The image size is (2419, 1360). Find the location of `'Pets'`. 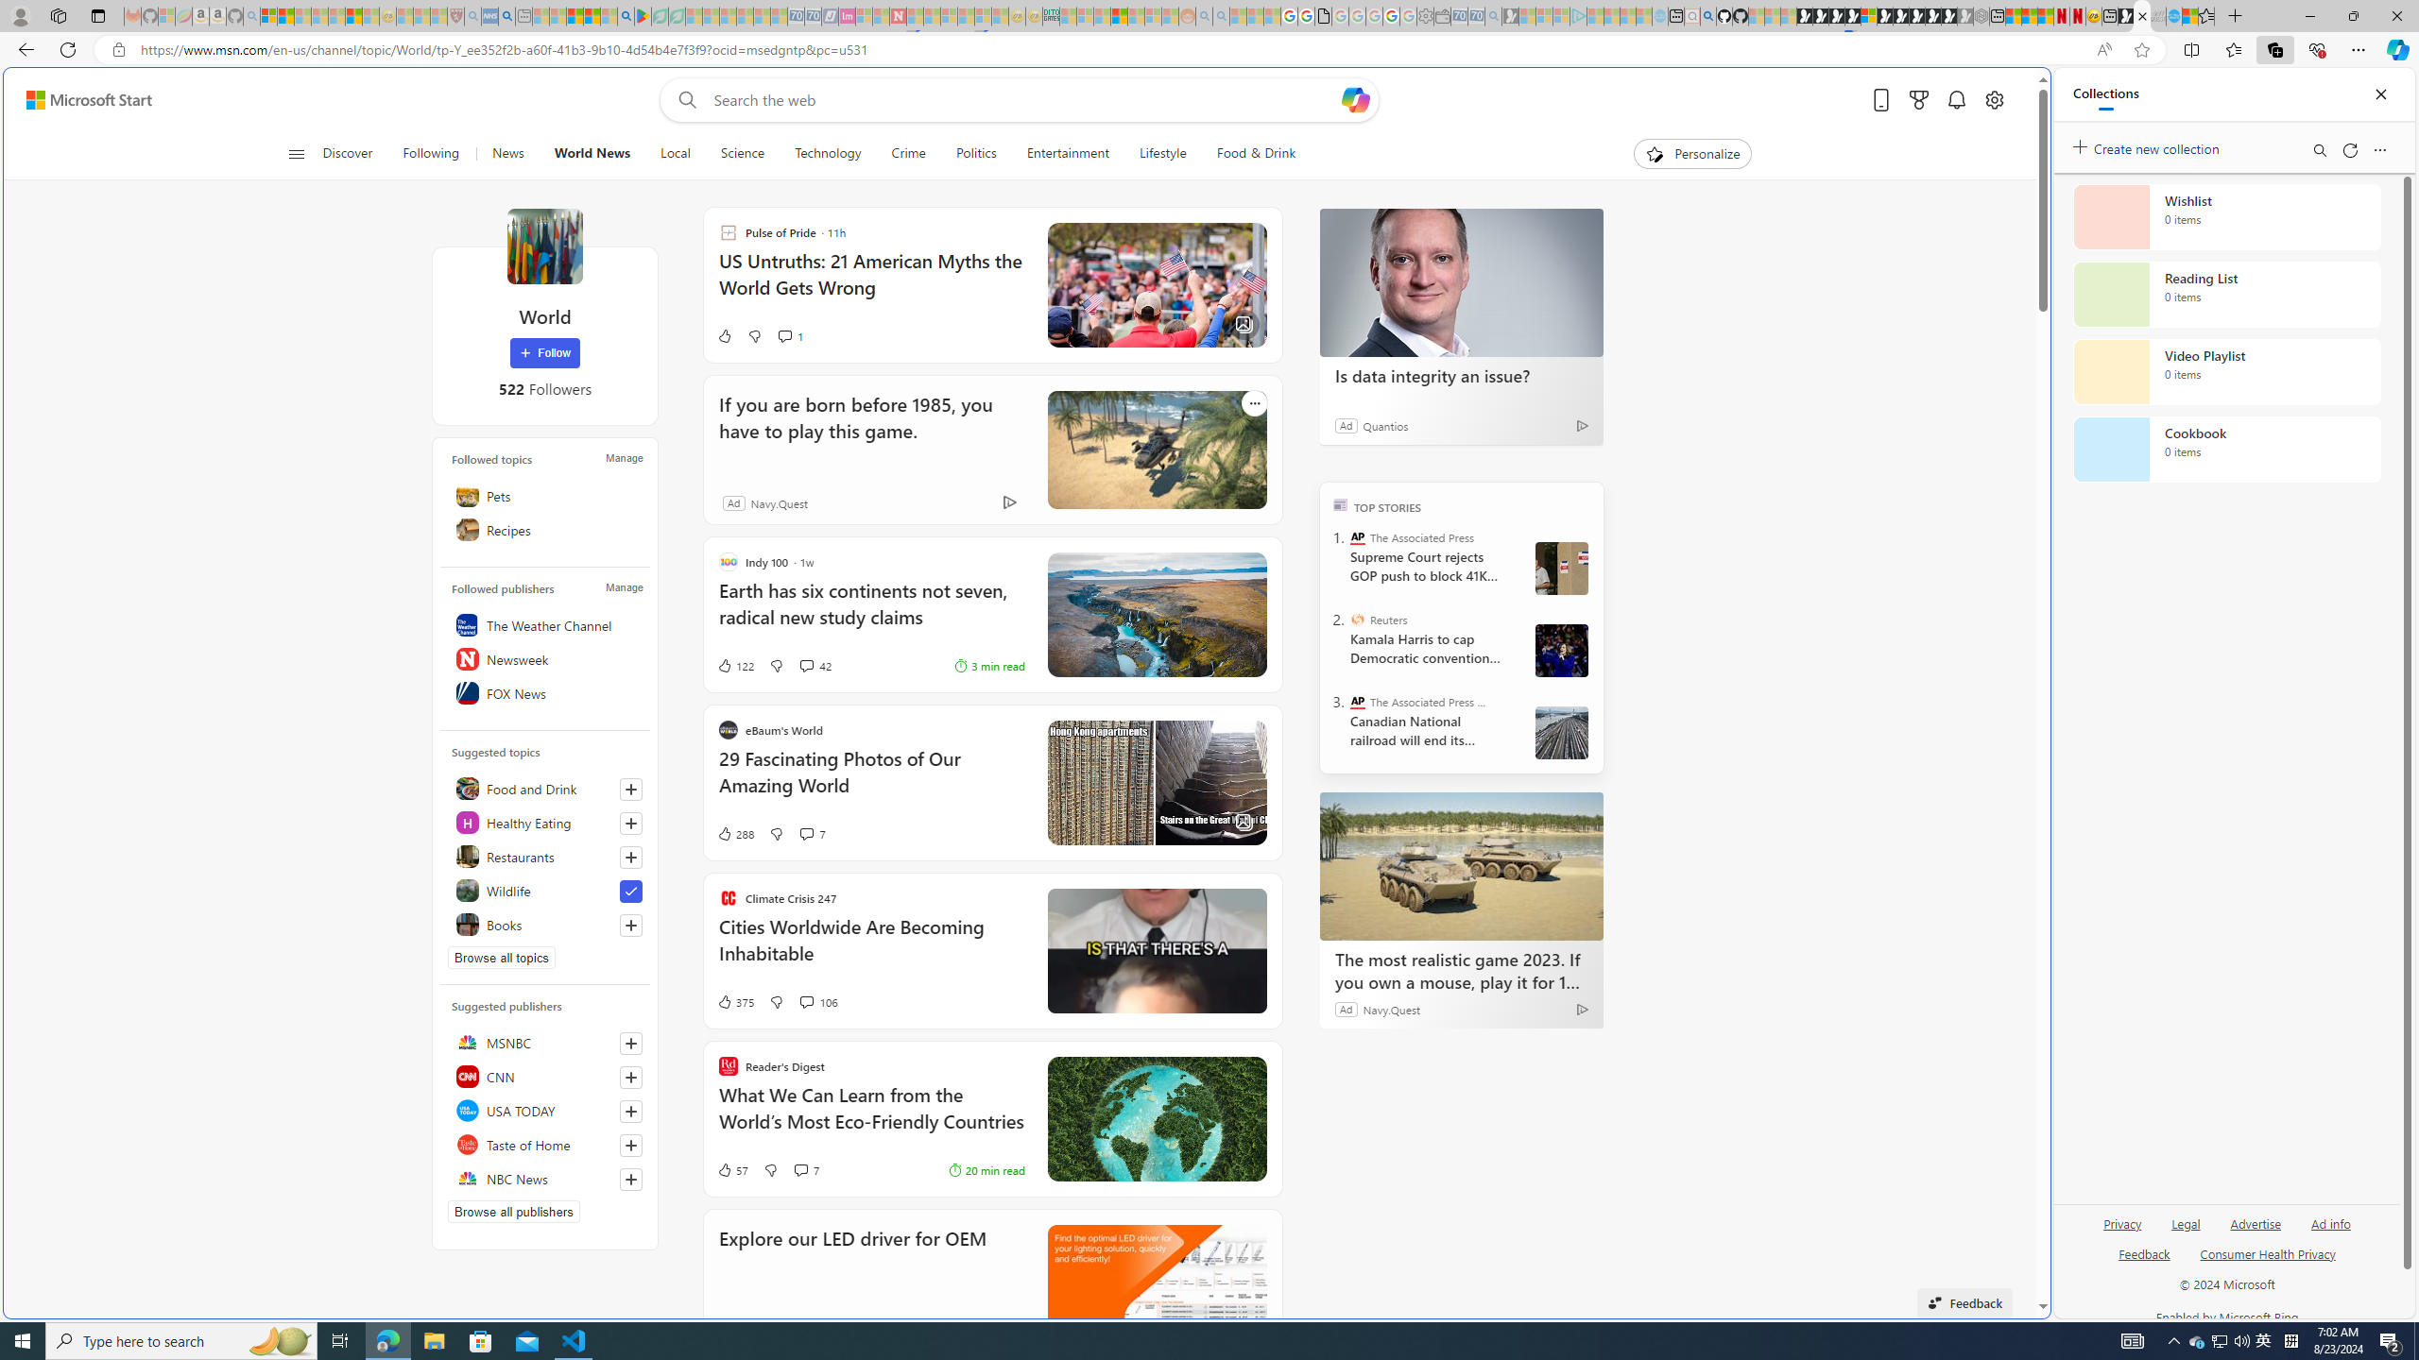

'Pets' is located at coordinates (543, 495).